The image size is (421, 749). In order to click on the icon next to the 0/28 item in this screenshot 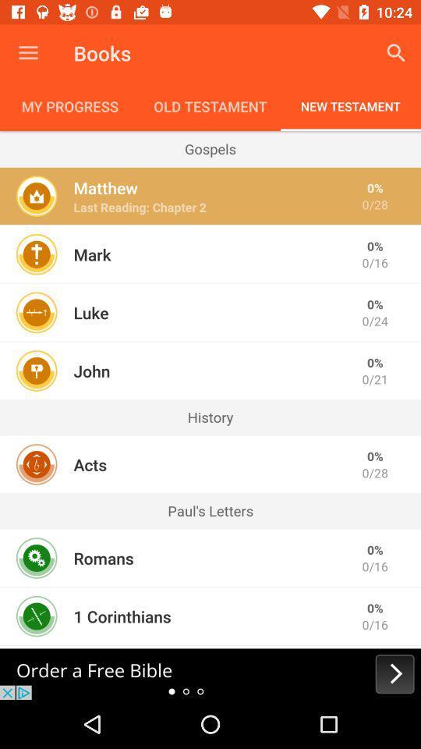, I will do `click(90, 464)`.